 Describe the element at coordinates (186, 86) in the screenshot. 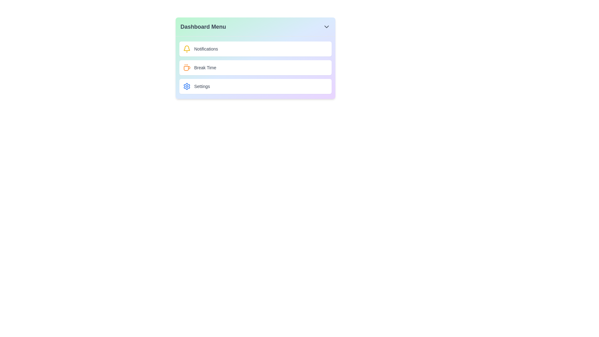

I see `the blue gear icon representing settings, located to the left of the 'Settings' text in the menu interface` at that location.